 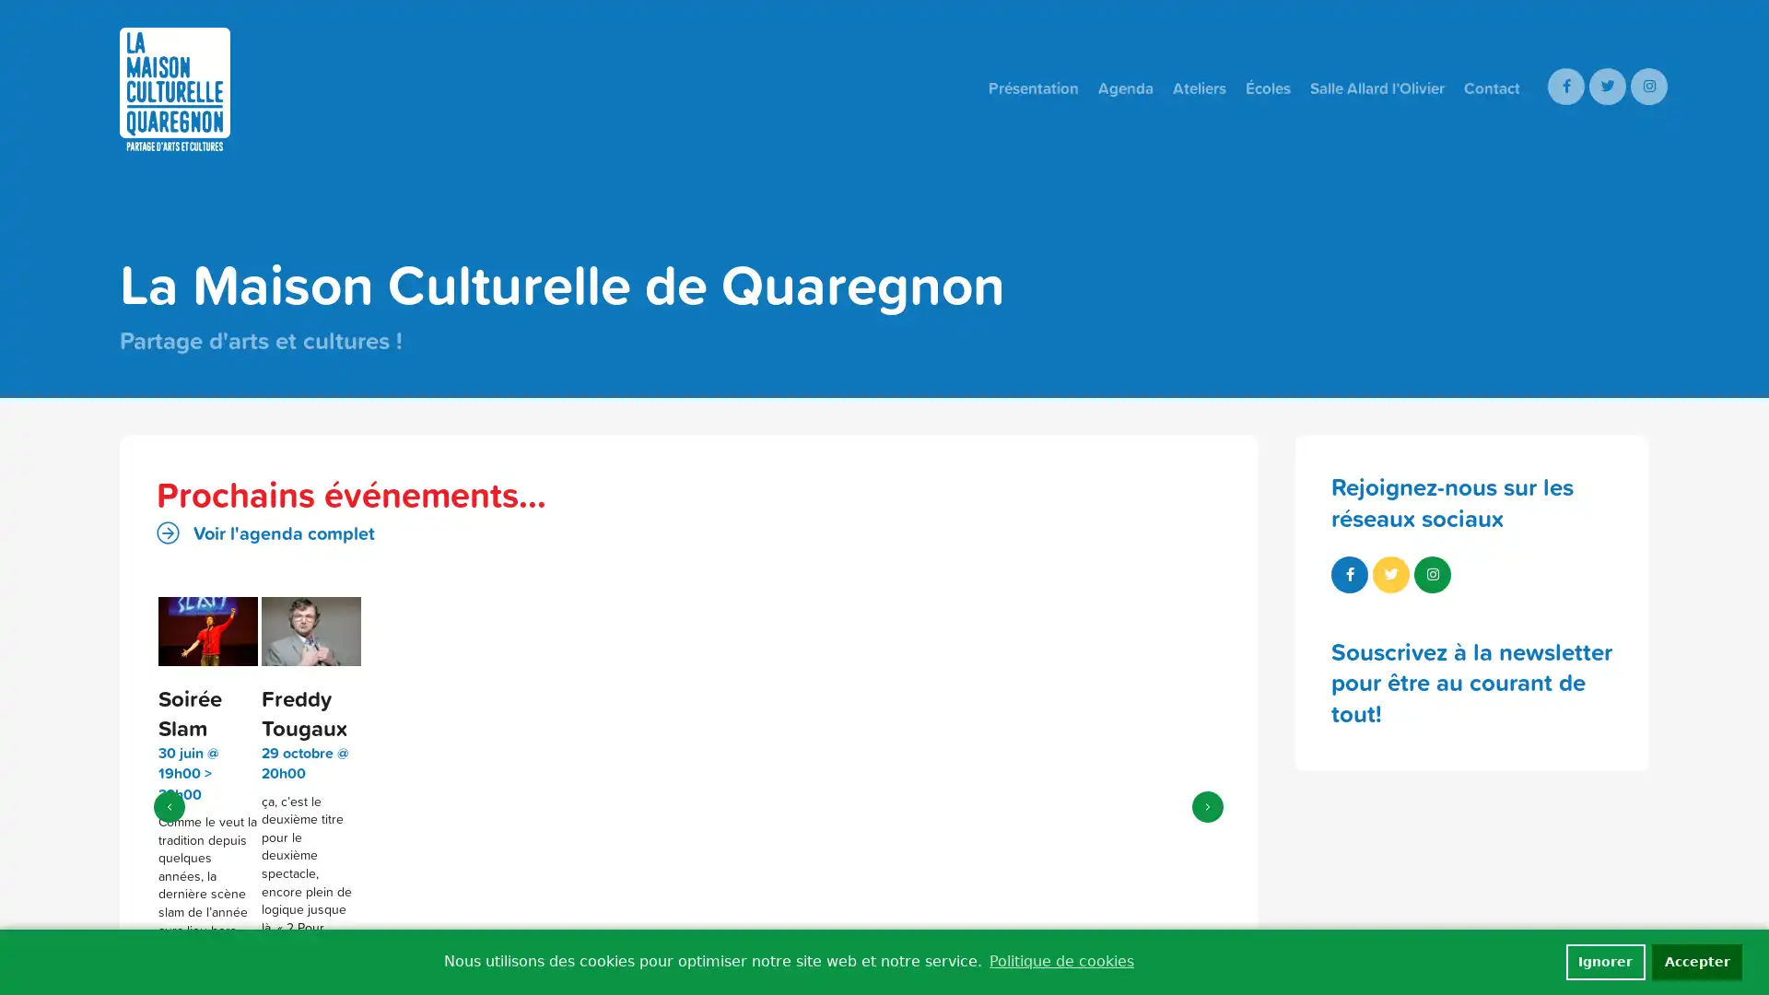 I want to click on Accepter, so click(x=1696, y=961).